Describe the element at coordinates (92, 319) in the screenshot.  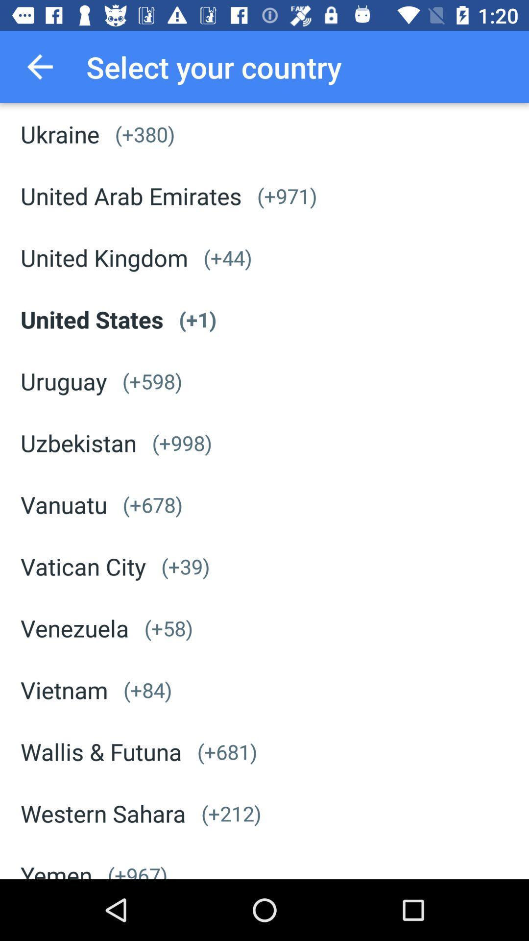
I see `the icon below united kingdom` at that location.